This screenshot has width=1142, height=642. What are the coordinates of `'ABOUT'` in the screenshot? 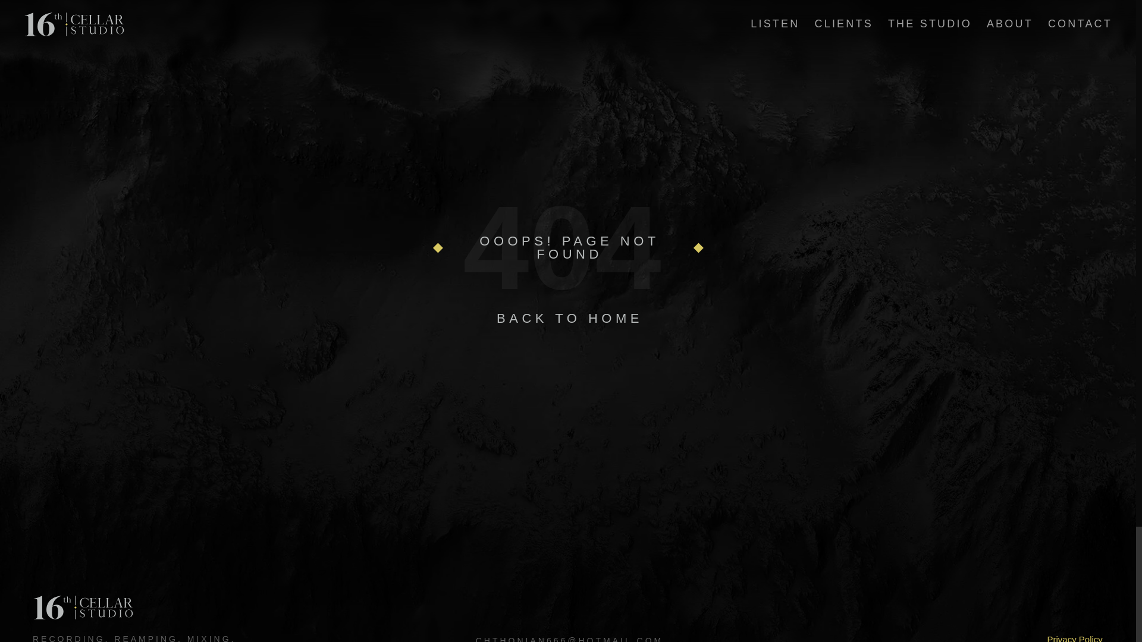 It's located at (987, 23).